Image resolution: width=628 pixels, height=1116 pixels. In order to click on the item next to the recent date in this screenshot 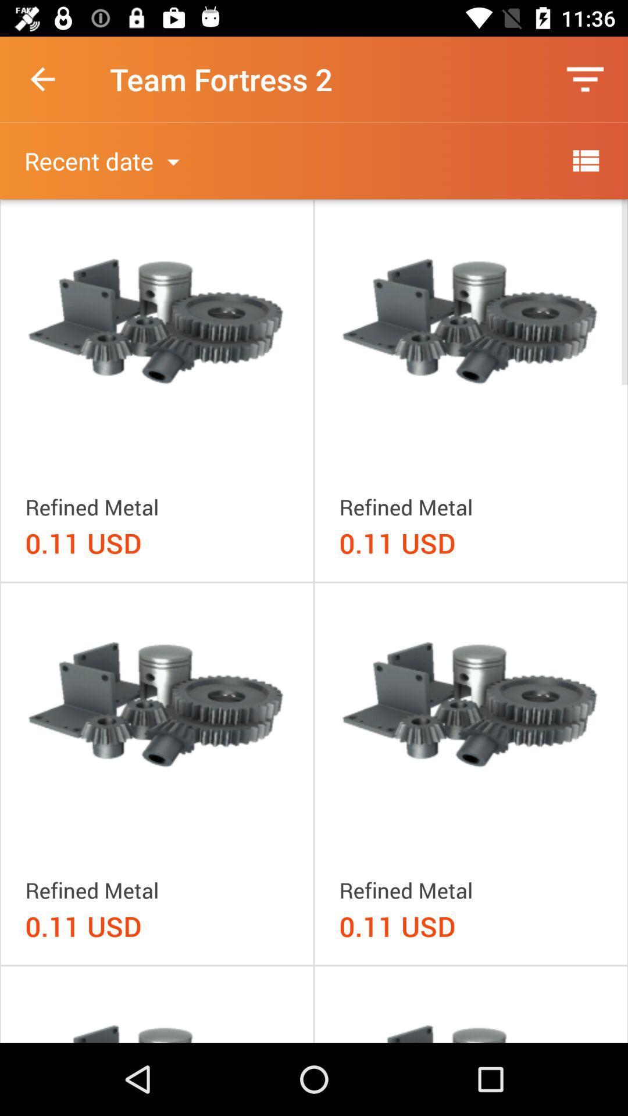, I will do `click(585, 160)`.